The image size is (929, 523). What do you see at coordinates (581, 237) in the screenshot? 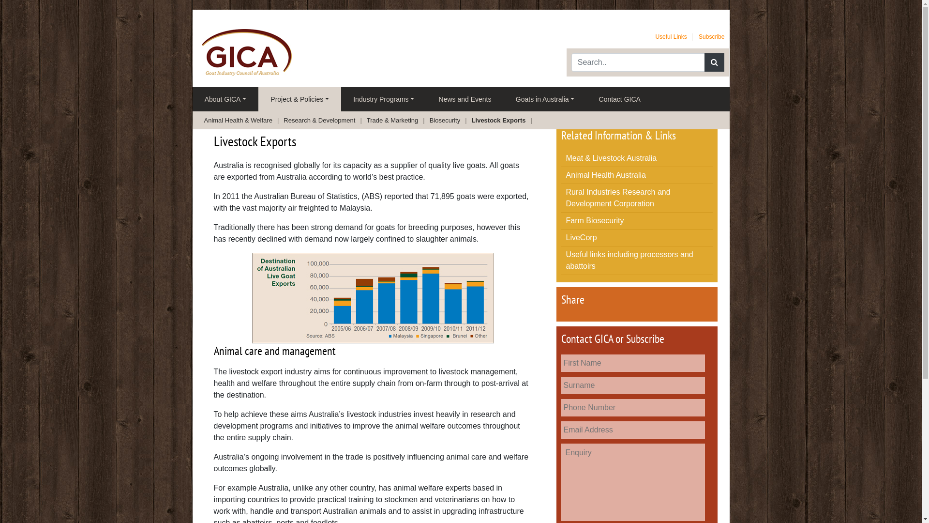
I see `'LiveCorp'` at bounding box center [581, 237].